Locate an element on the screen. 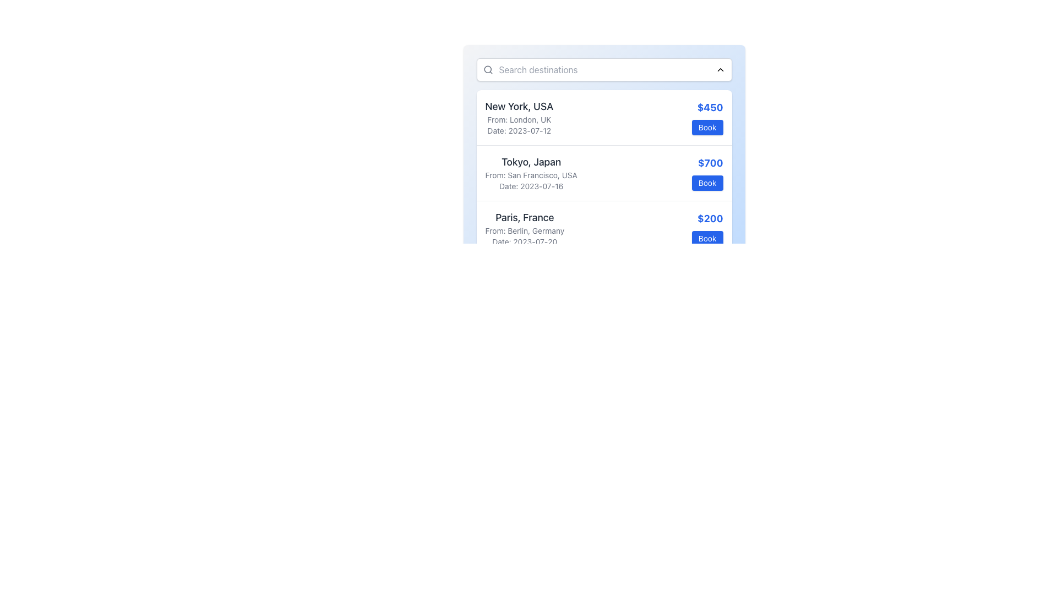 The width and height of the screenshot is (1057, 594). the informational text displaying the departure date of the trip, located below 'From: London, UK' and aligned to the left beneath 'New York, USA' is located at coordinates (519, 130).